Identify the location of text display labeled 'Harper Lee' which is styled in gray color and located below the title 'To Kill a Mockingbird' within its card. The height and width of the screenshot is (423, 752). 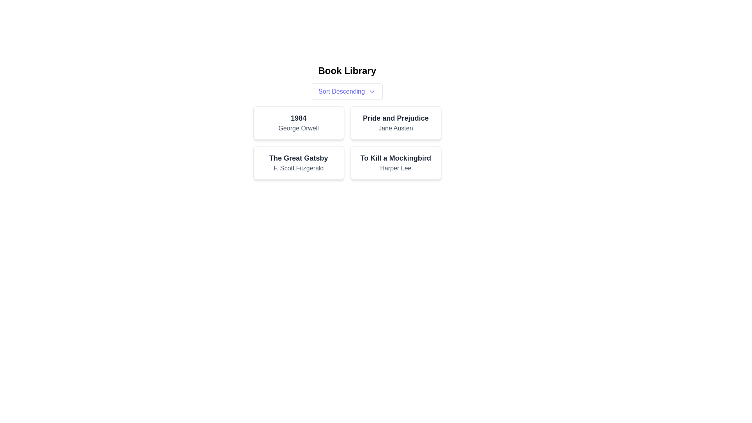
(396, 168).